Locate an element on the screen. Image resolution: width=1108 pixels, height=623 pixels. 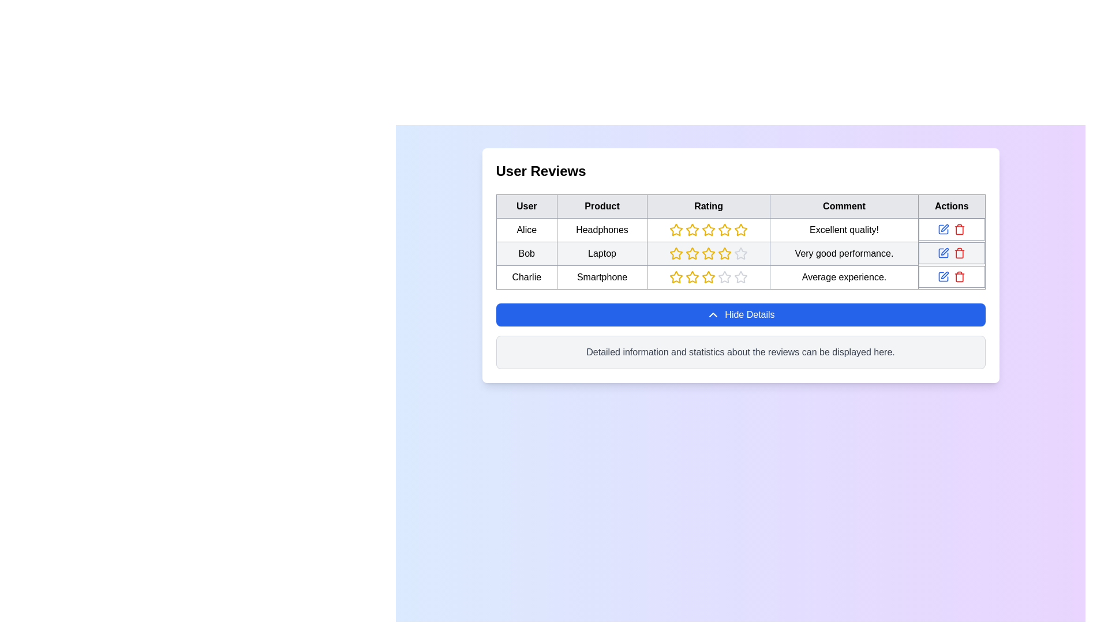
text 'Charlie' from the first cell in the last row of the table under the 'User Reviews' section is located at coordinates (526, 277).